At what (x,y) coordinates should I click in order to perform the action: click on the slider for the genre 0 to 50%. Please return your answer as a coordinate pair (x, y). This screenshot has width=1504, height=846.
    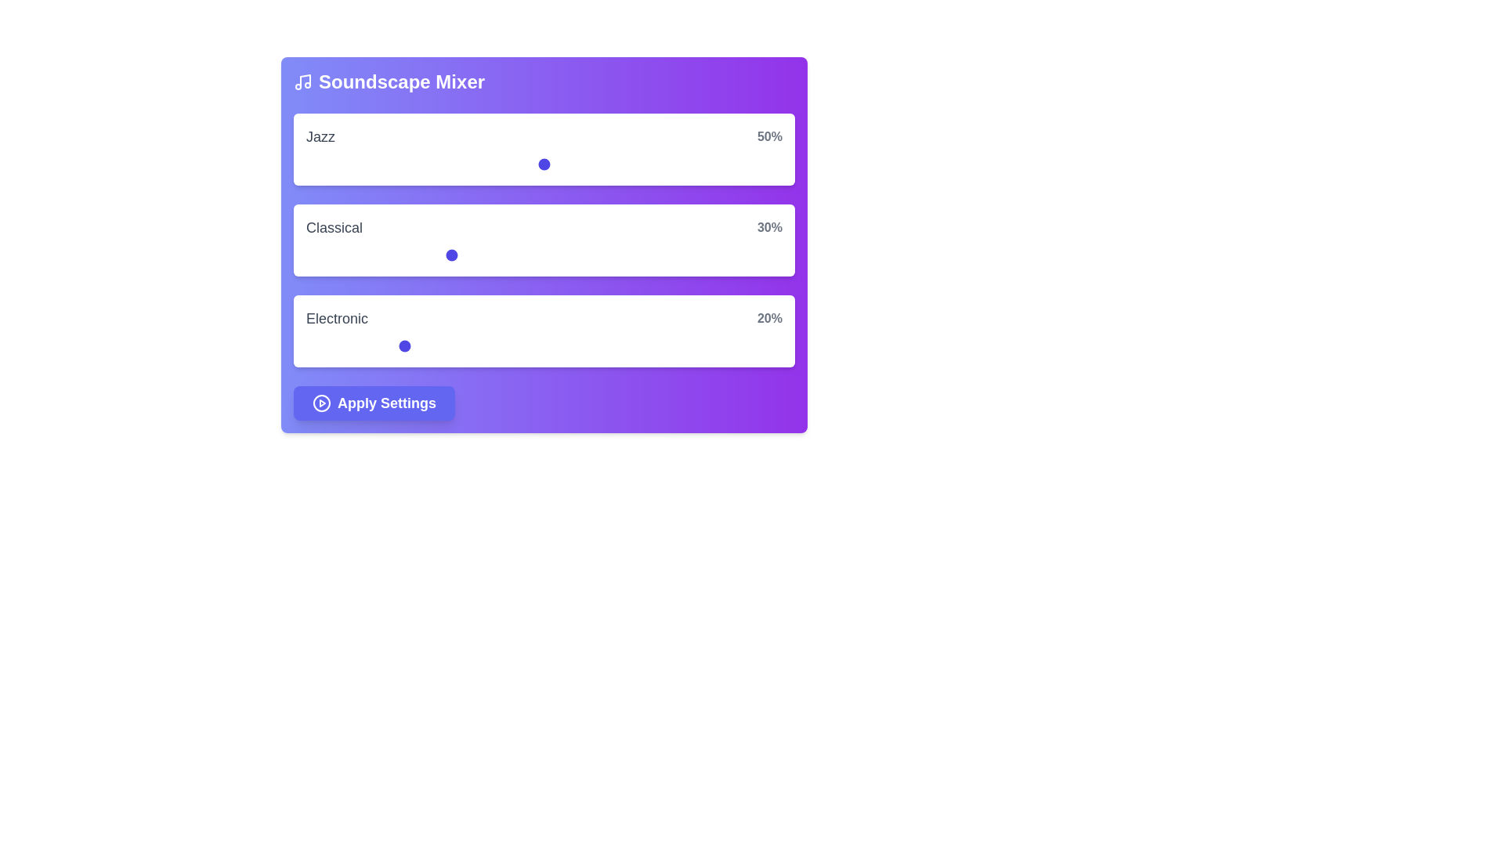
    Looking at the image, I should click on (663, 164).